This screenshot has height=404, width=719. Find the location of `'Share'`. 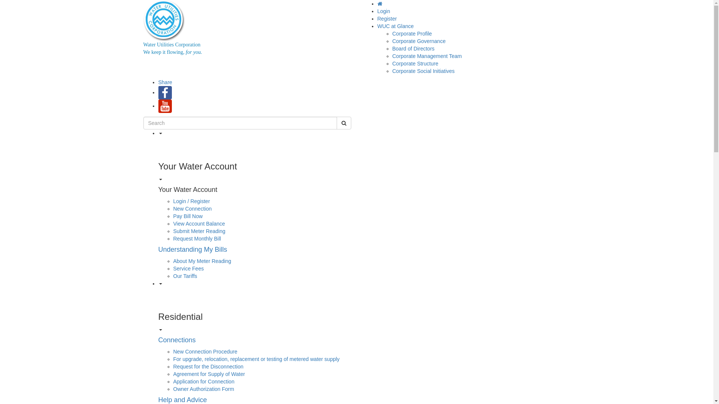

'Share' is located at coordinates (164, 82).